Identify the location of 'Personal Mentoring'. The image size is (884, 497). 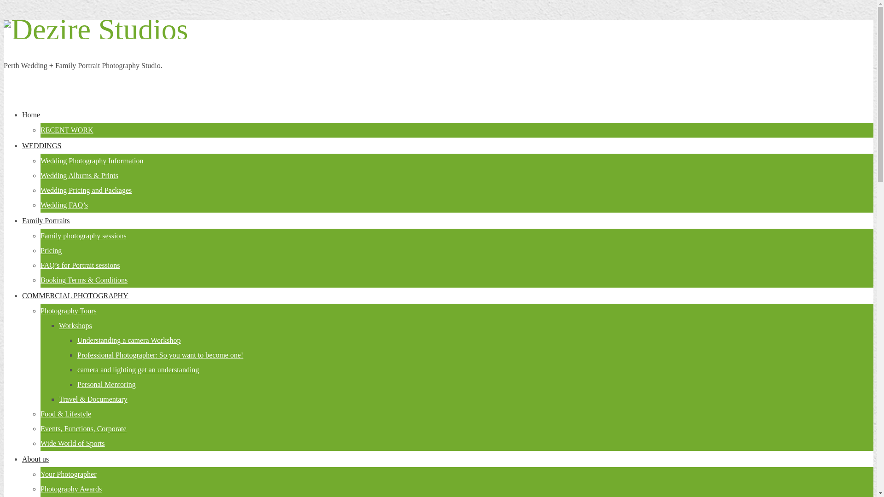
(77, 384).